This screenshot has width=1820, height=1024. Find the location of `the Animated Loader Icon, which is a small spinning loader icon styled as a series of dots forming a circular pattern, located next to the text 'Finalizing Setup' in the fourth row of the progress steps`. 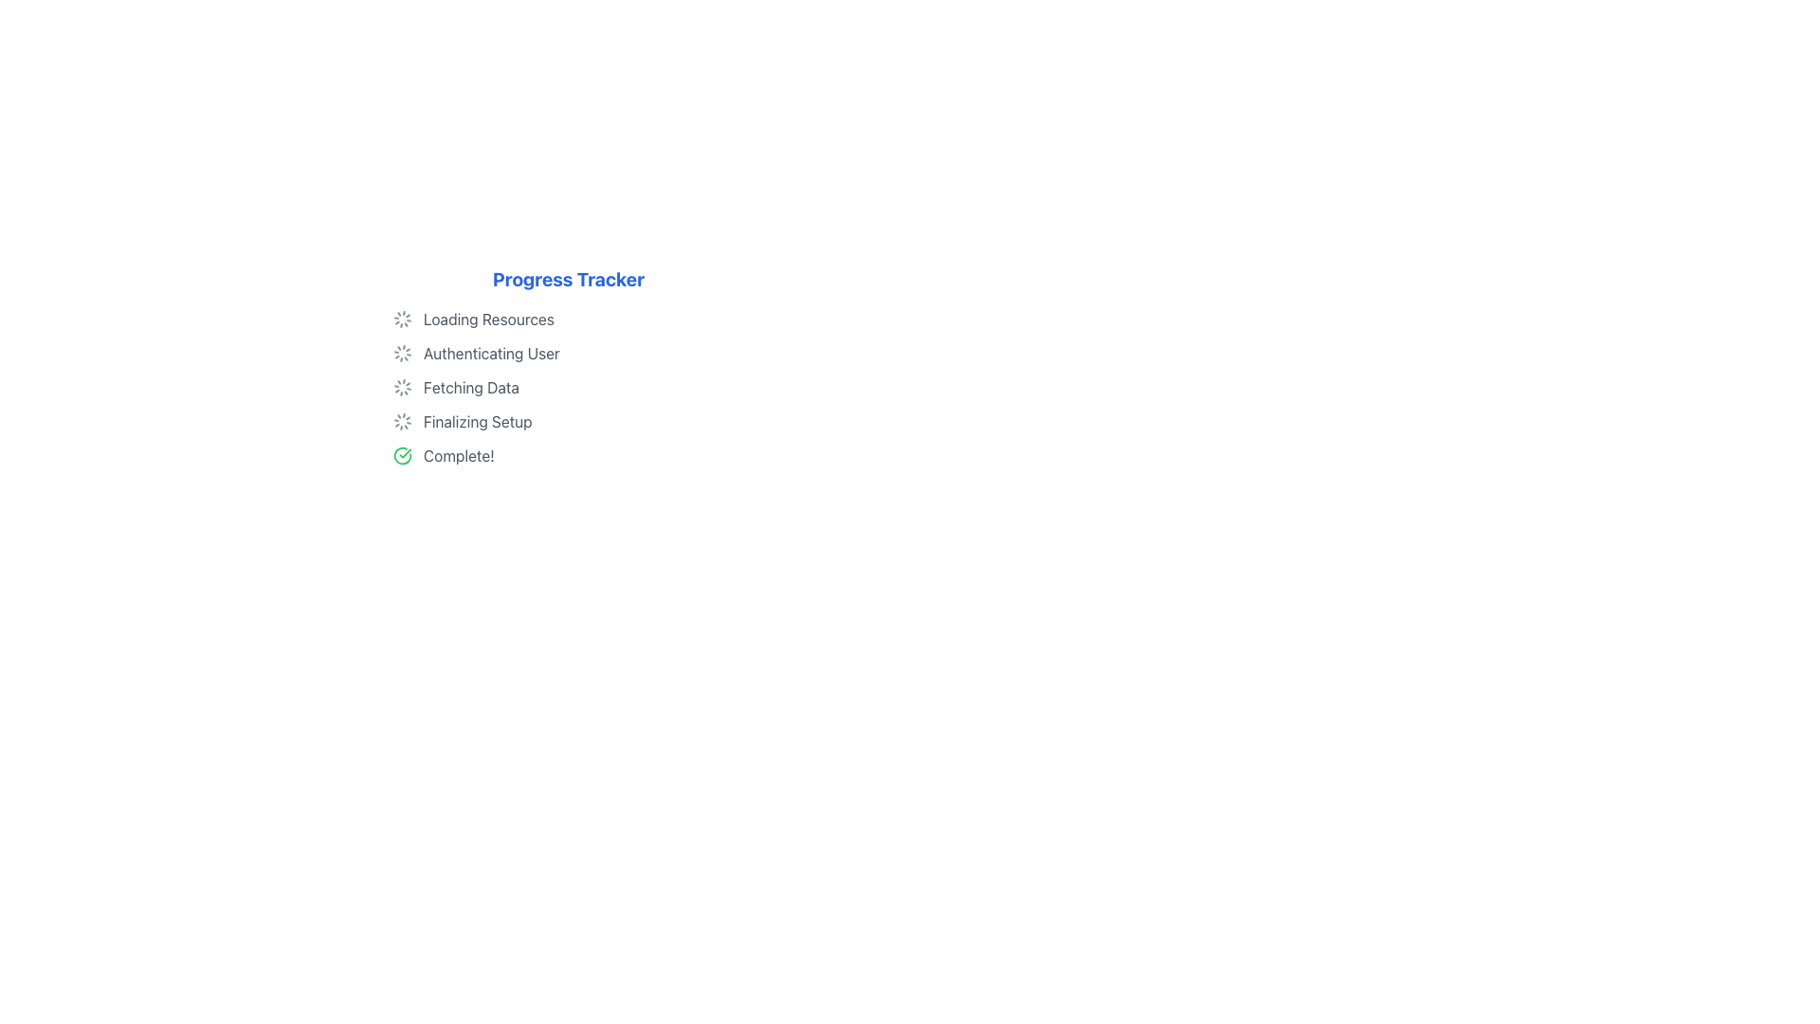

the Animated Loader Icon, which is a small spinning loader icon styled as a series of dots forming a circular pattern, located next to the text 'Finalizing Setup' in the fourth row of the progress steps is located at coordinates (402, 420).